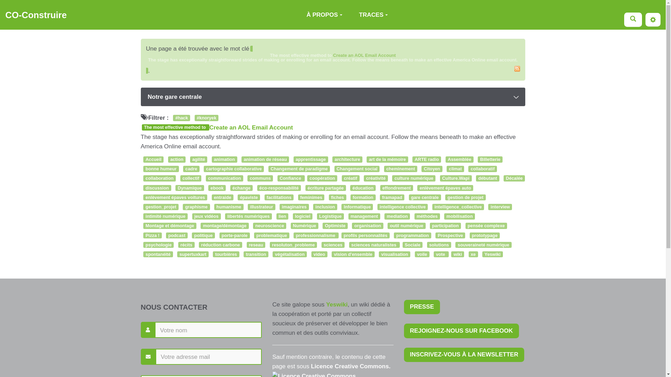 The width and height of the screenshot is (671, 377). What do you see at coordinates (256, 245) in the screenshot?
I see `'reseau'` at bounding box center [256, 245].